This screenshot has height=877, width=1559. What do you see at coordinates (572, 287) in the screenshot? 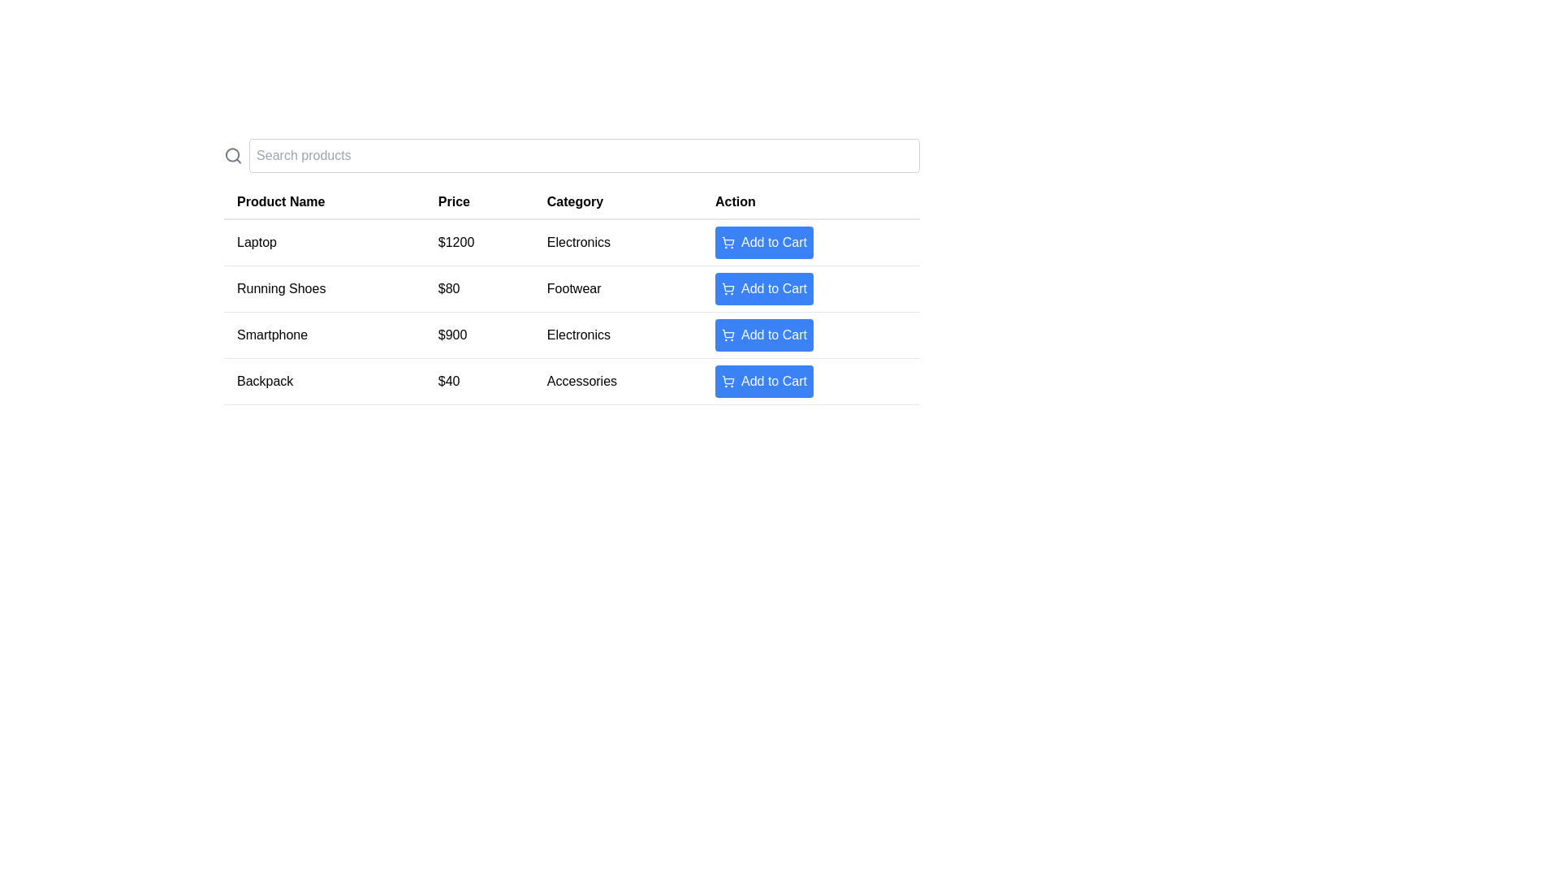
I see `product details from the second row of the table that displays information about the product, including its name, price, category, and the 'Add to Cart' button` at bounding box center [572, 287].